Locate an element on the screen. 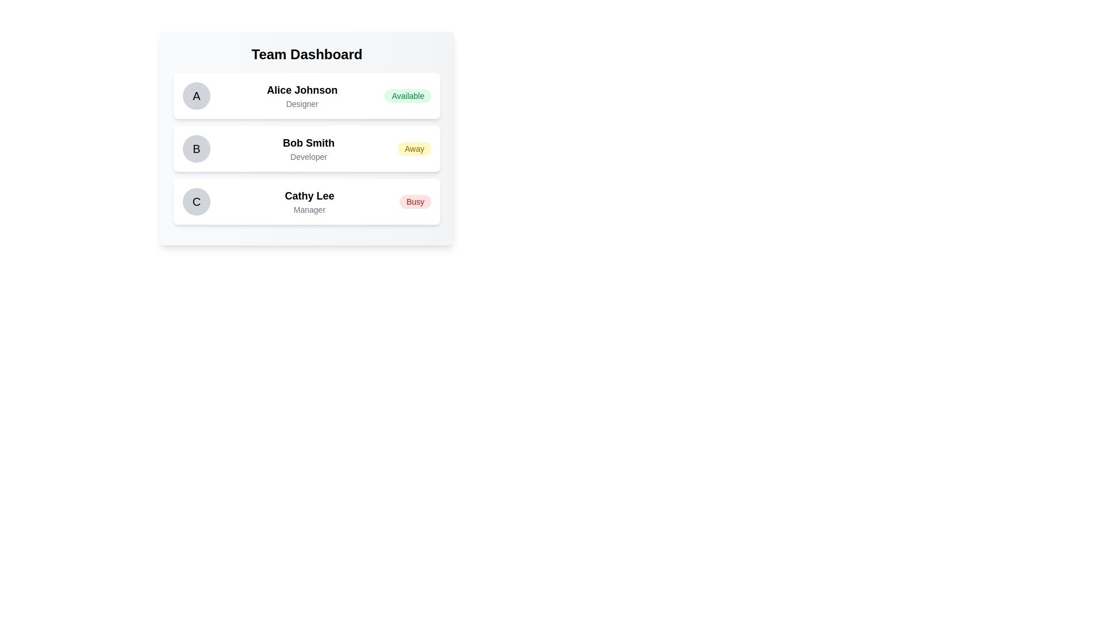  the informational text label indicating the role of 'Cathy Lee' in the team dashboard, located below her name in the third panel is located at coordinates (309, 210).